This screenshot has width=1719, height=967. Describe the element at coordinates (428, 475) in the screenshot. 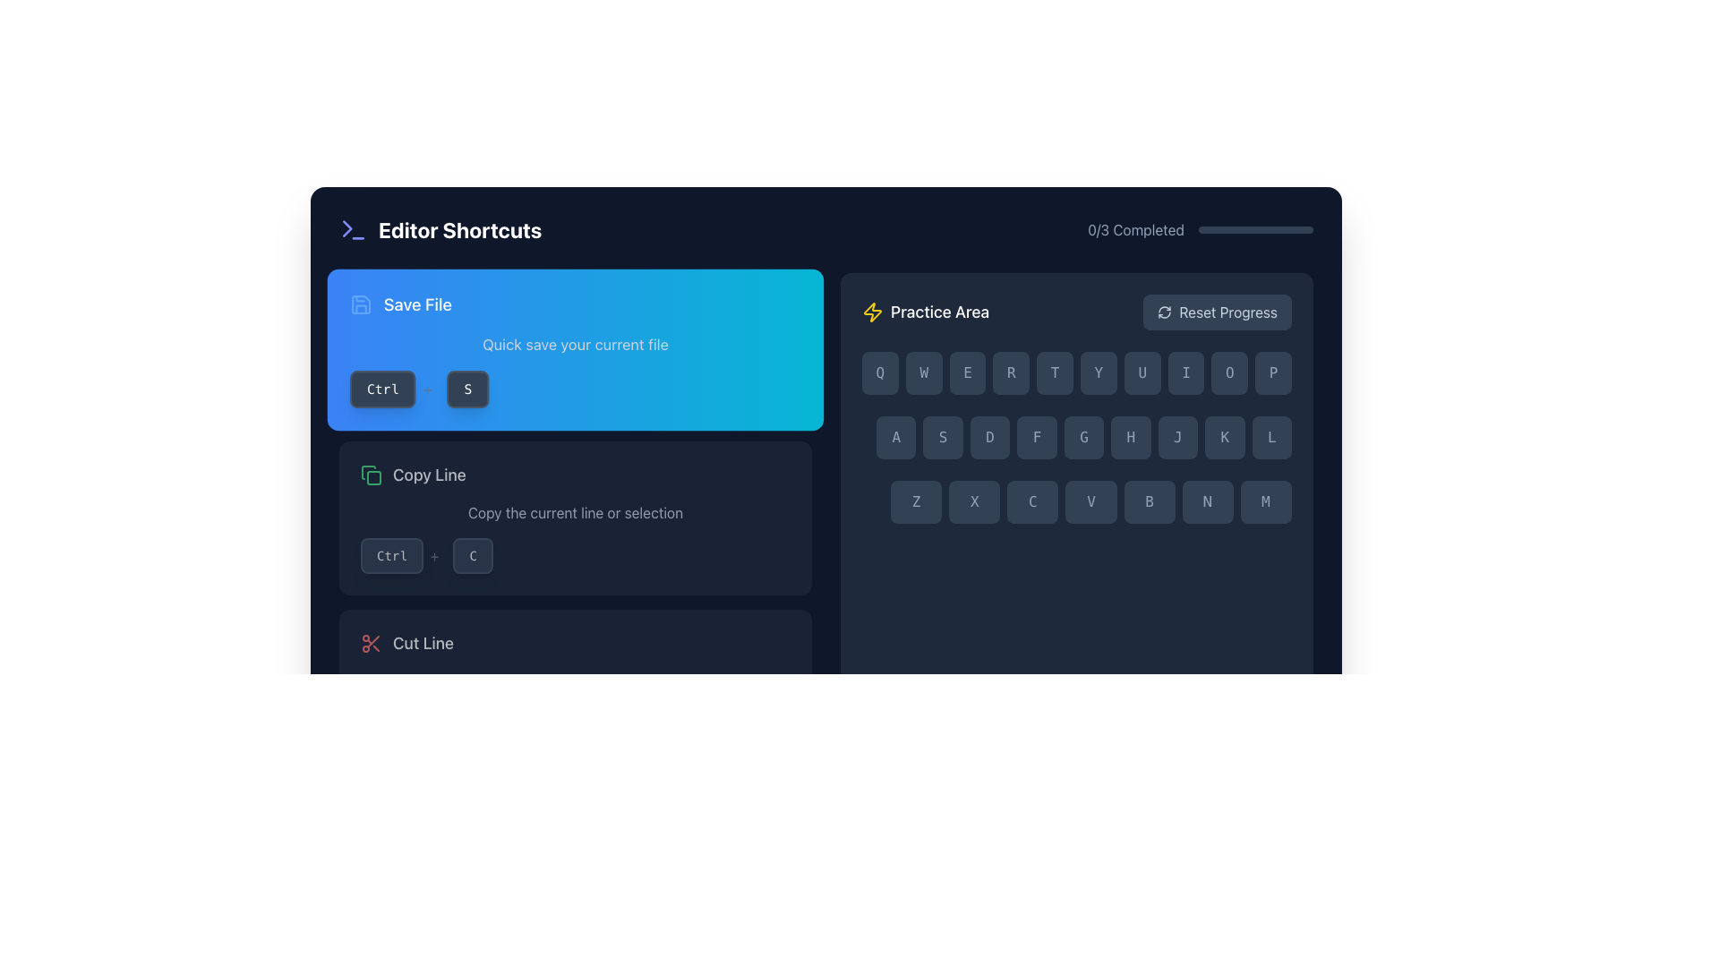

I see `the 'Copy Line' text element, which is styled in a large, white font and is located beside a green document copy icon within the 'Editor Shortcuts' panel` at that location.